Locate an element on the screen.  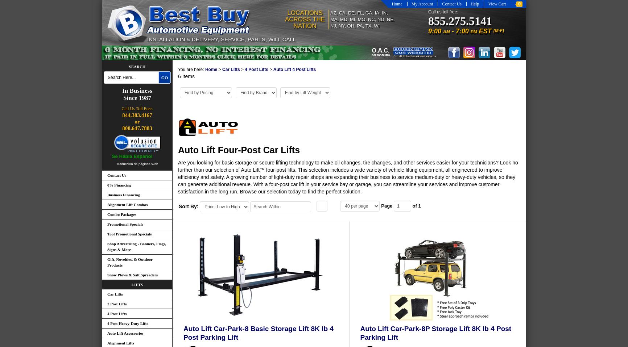
'4 Post Heavy-Duty Lifts' is located at coordinates (127, 323).